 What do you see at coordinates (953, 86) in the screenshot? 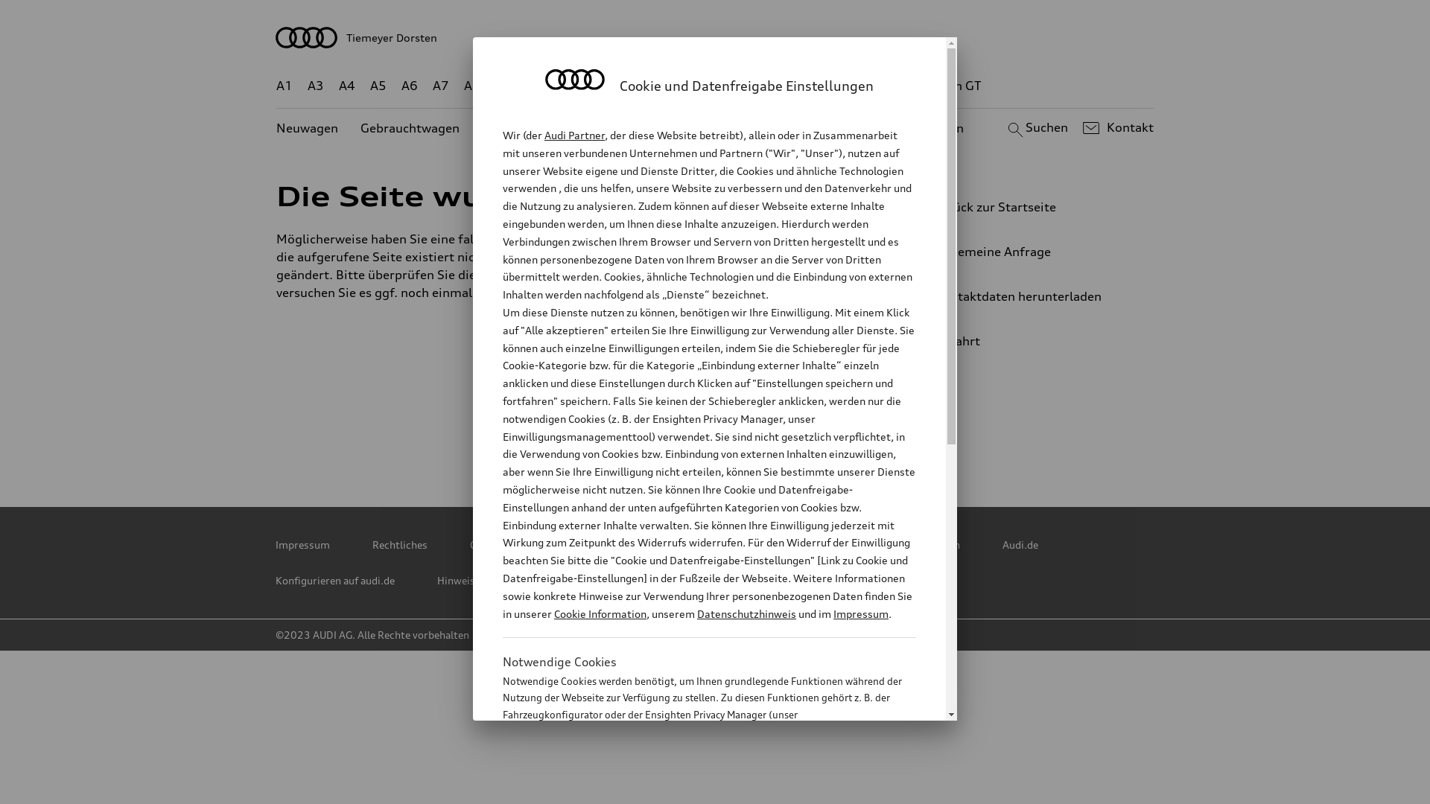
I see `'e-tron GT'` at bounding box center [953, 86].